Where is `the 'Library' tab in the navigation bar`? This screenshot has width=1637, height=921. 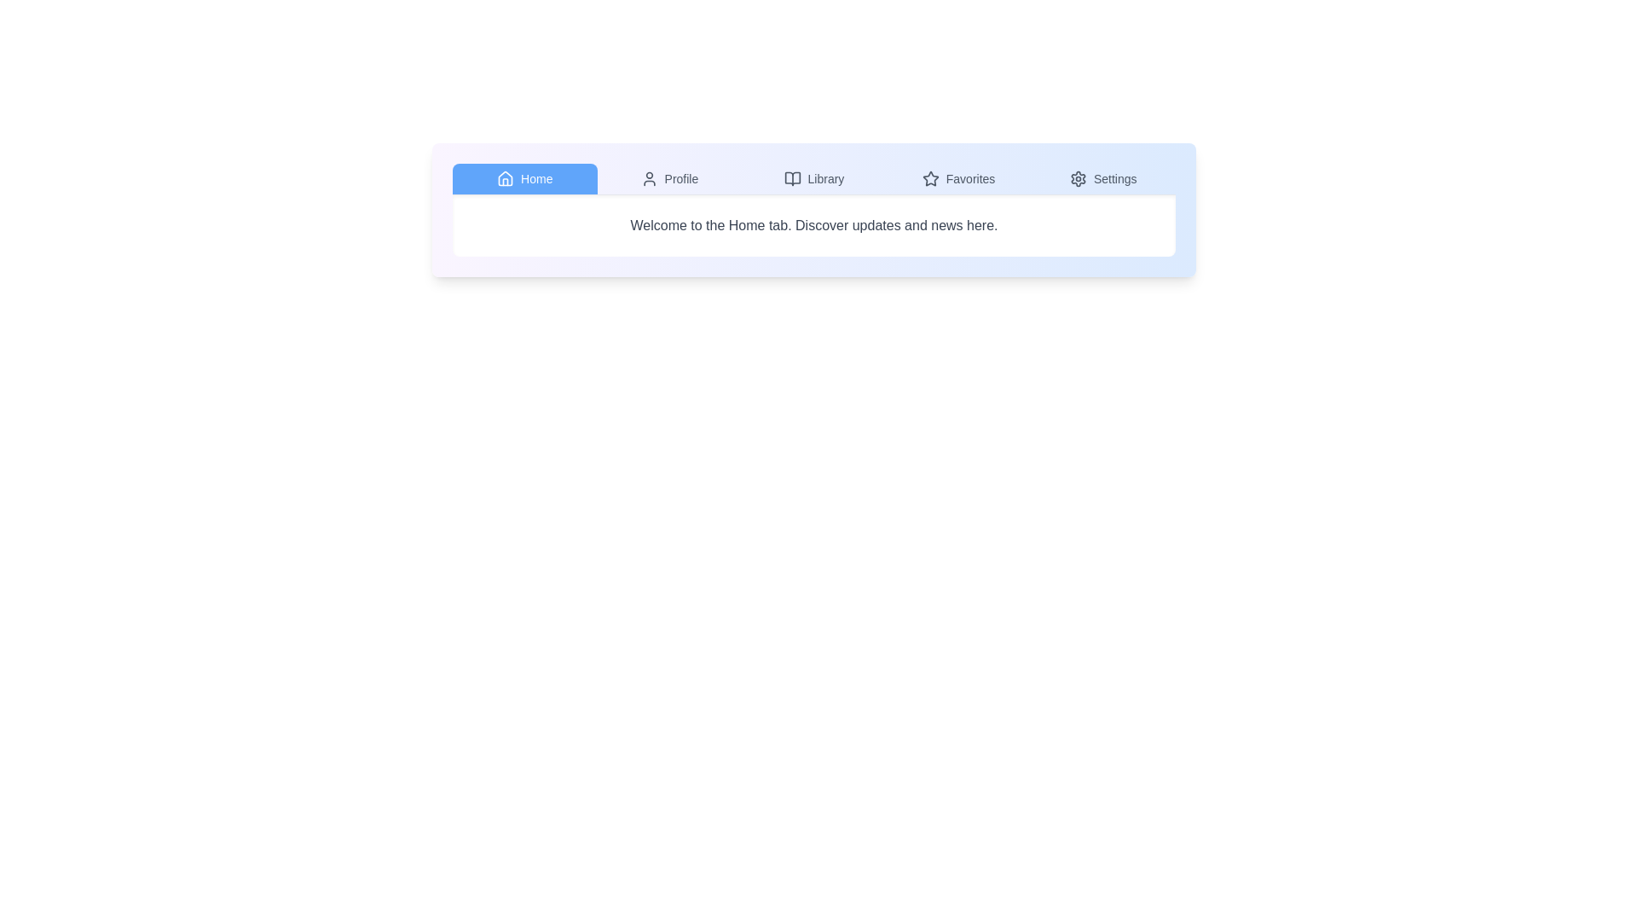 the 'Library' tab in the navigation bar is located at coordinates (813, 179).